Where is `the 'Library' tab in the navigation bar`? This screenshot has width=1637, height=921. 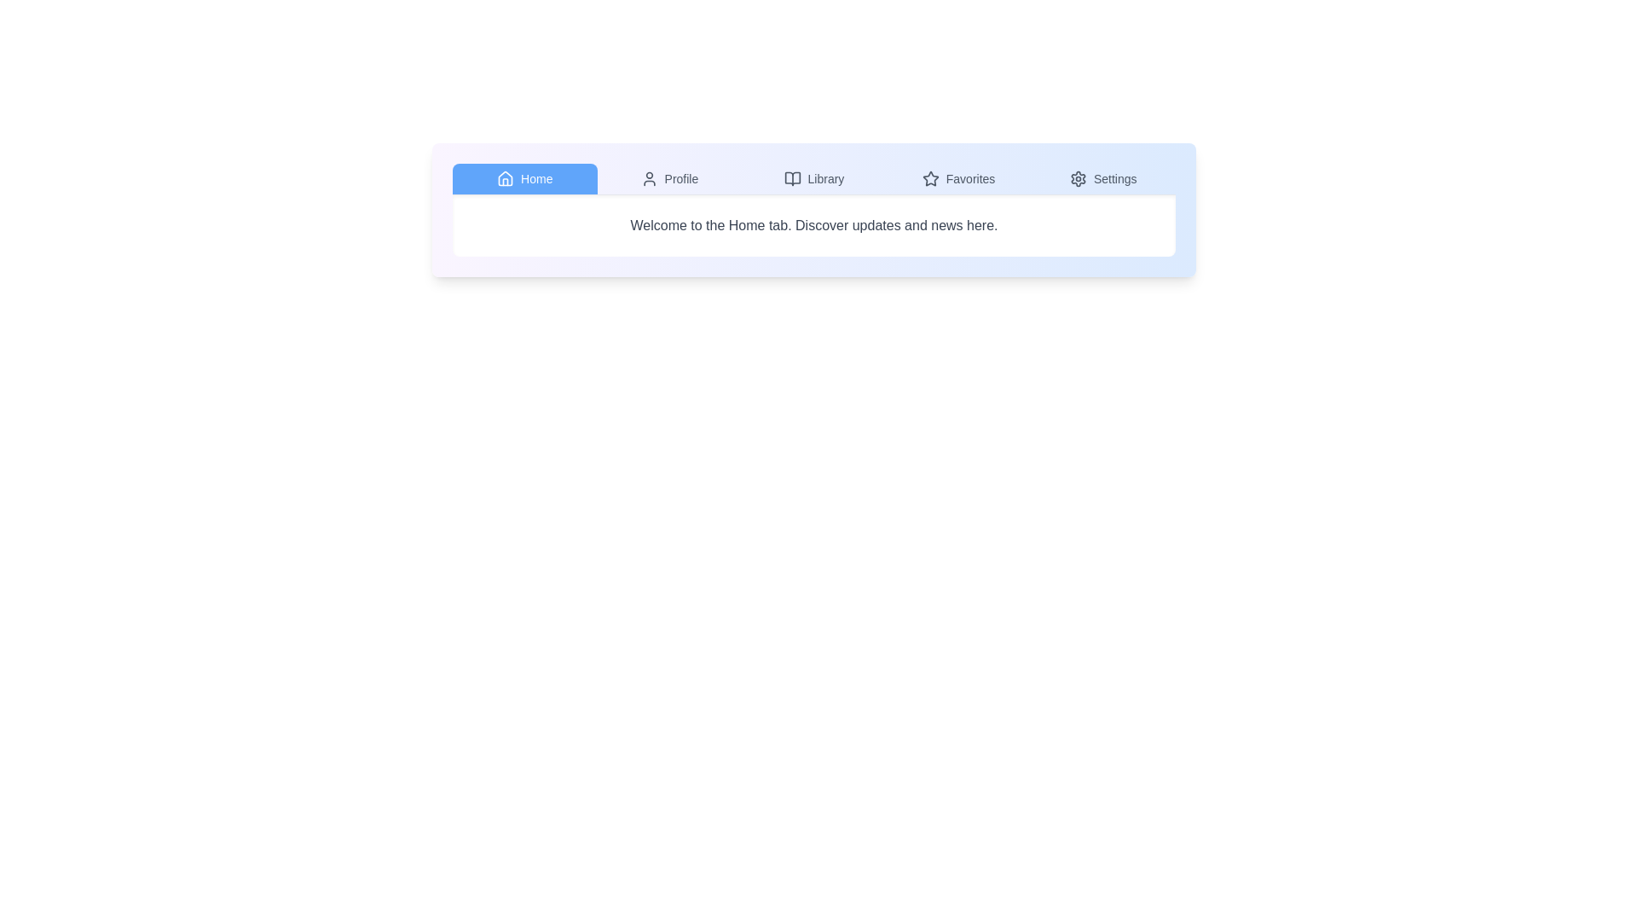 the 'Library' tab in the navigation bar is located at coordinates (813, 179).